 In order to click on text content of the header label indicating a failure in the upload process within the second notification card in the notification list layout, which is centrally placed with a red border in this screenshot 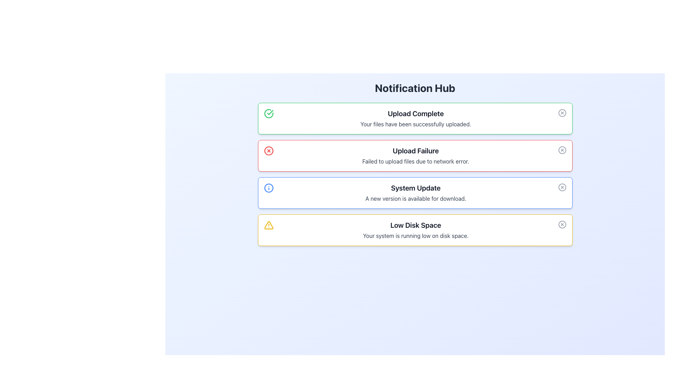, I will do `click(416, 150)`.